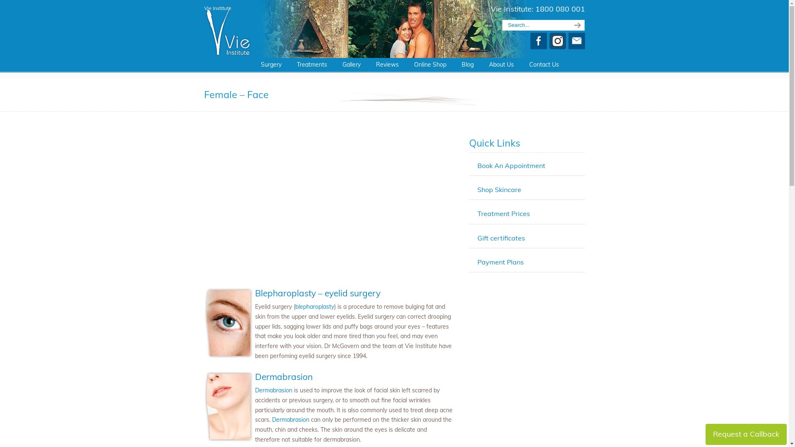 The height and width of the screenshot is (447, 795). What do you see at coordinates (560, 9) in the screenshot?
I see `'1800 080 001'` at bounding box center [560, 9].